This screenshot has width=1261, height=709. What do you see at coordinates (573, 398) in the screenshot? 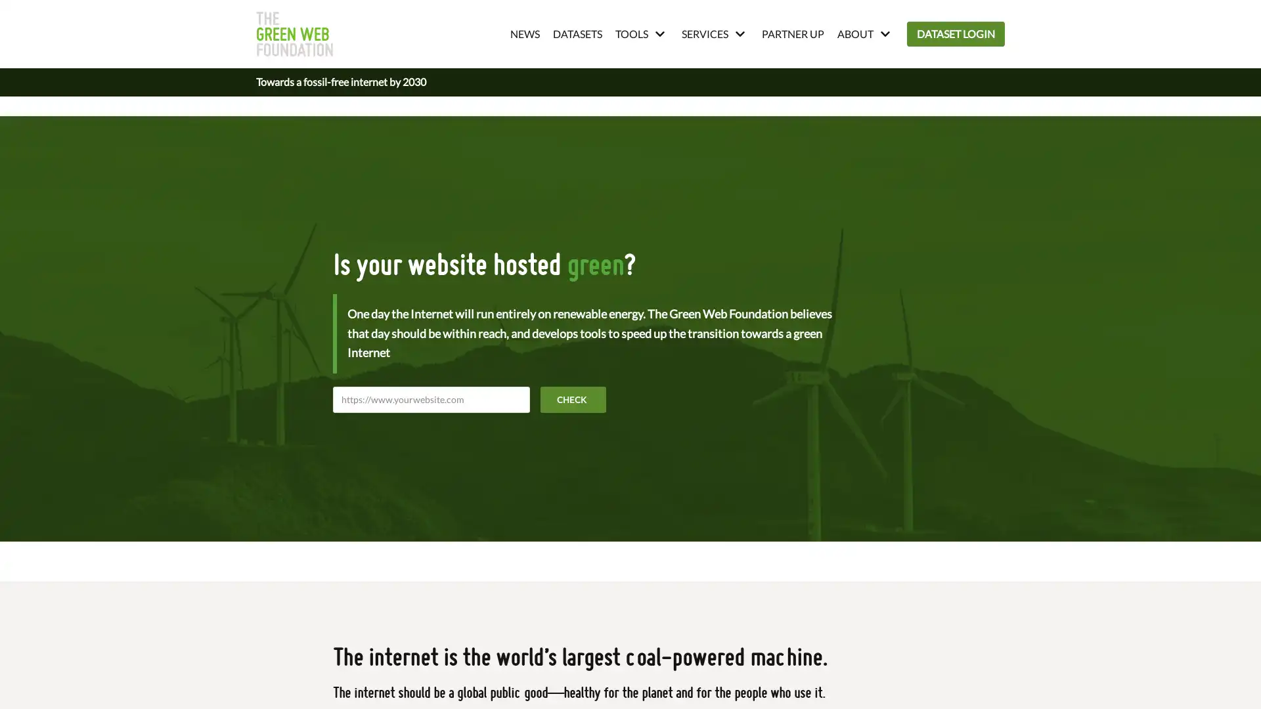
I see `CHECK` at bounding box center [573, 398].